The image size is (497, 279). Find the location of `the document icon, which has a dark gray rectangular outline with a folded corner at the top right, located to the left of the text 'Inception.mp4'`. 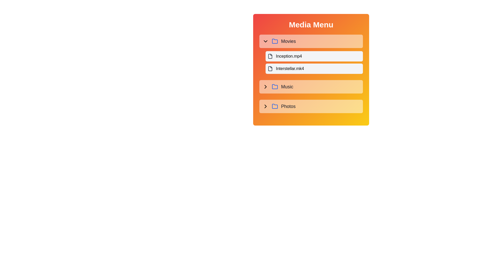

the document icon, which has a dark gray rectangular outline with a folded corner at the top right, located to the left of the text 'Inception.mp4' is located at coordinates (270, 56).